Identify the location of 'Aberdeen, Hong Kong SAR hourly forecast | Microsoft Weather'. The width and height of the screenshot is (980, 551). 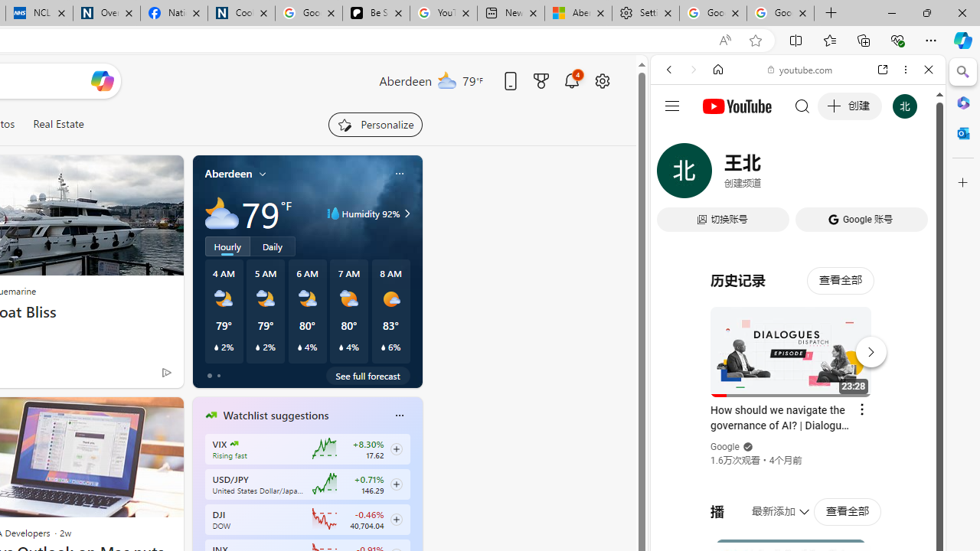
(577, 13).